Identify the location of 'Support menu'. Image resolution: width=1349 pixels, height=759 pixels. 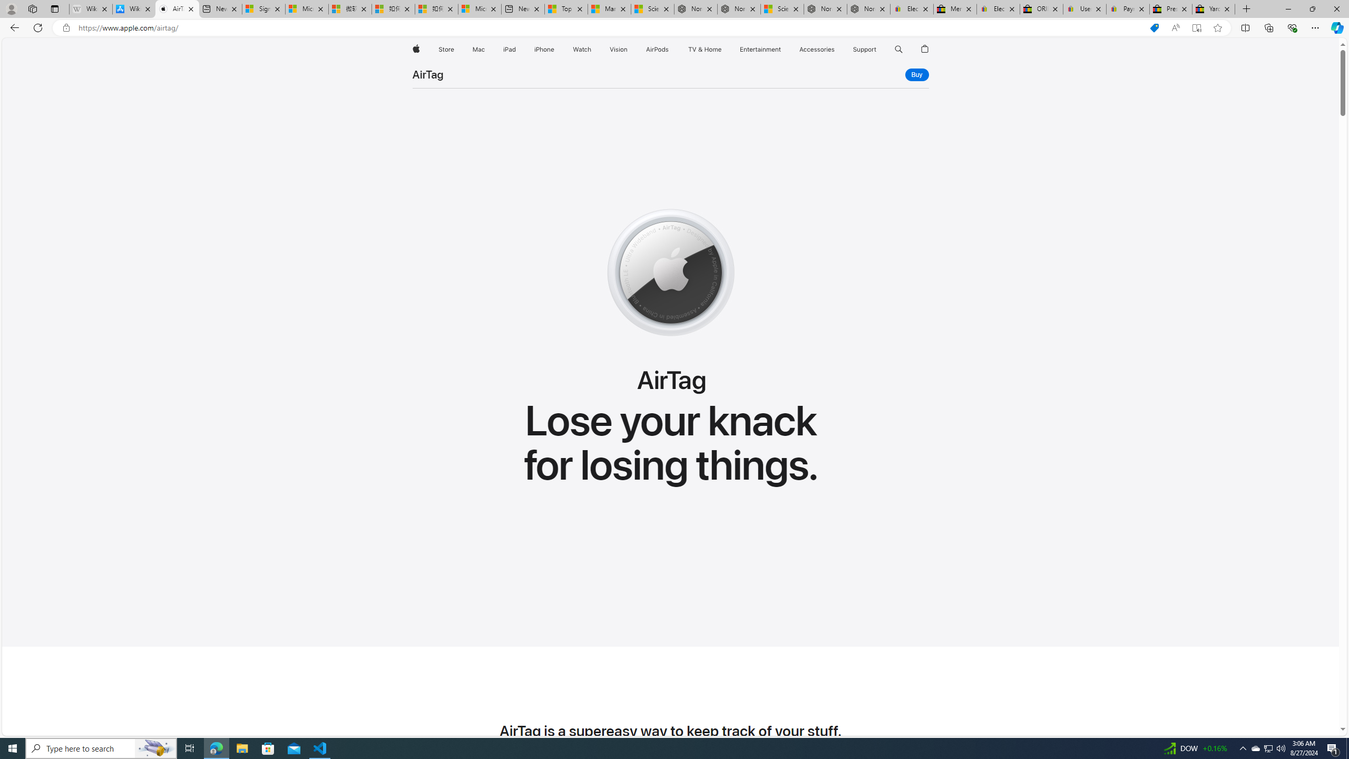
(878, 49).